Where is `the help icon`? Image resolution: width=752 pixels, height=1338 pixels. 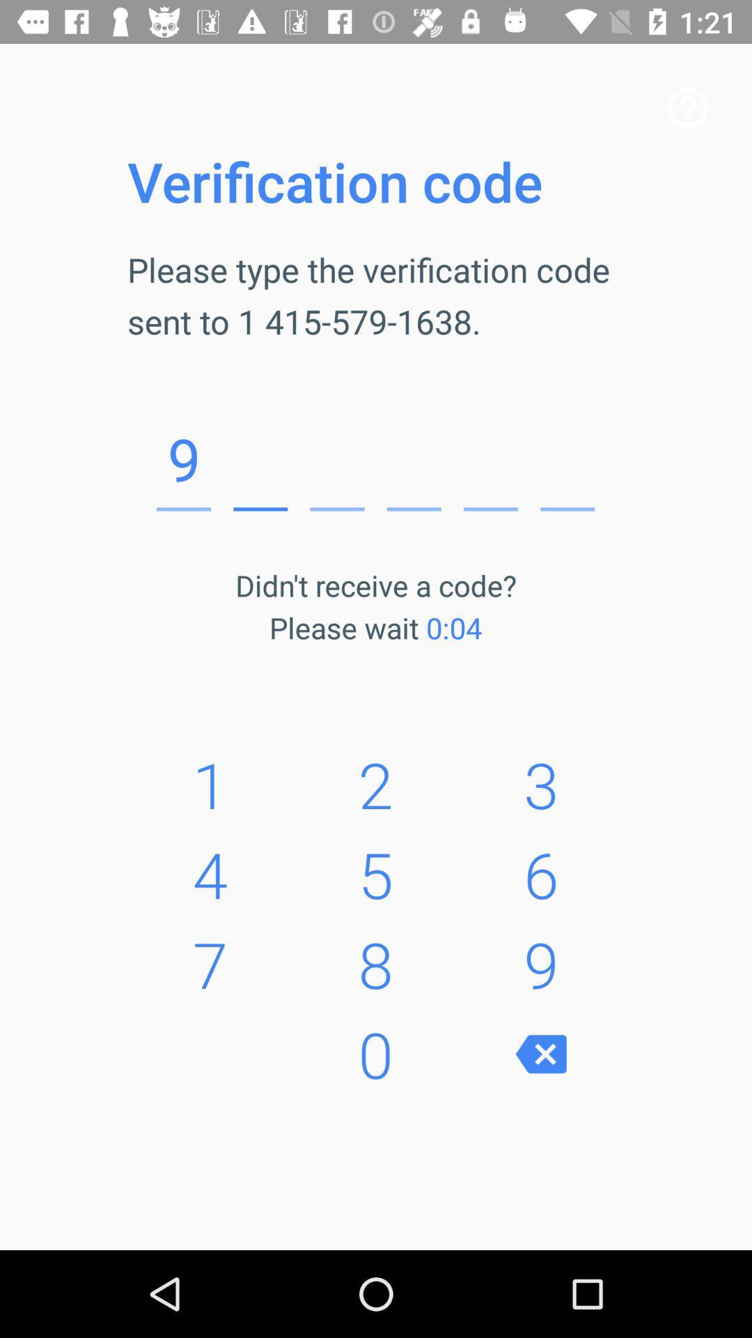
the help icon is located at coordinates (687, 107).